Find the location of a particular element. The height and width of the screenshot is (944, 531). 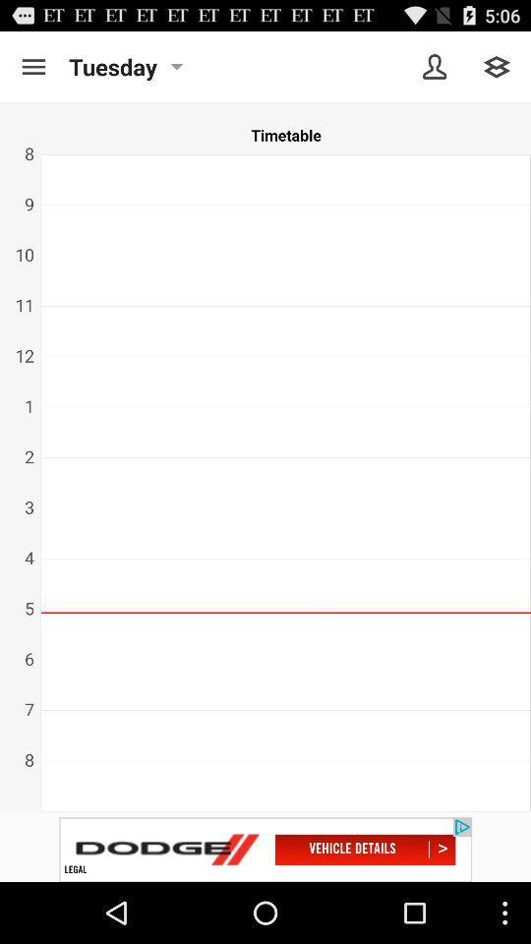

profile is located at coordinates (435, 67).